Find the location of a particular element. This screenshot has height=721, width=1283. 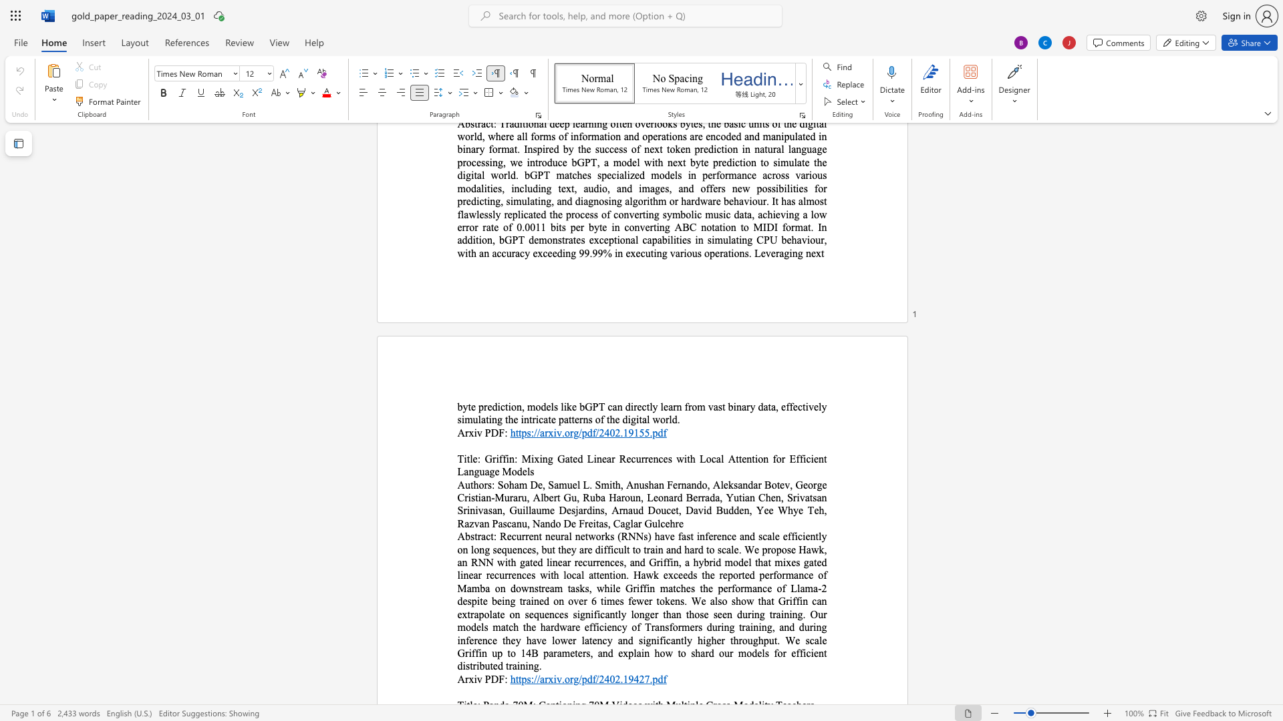

the 2th character "n" in the text is located at coordinates (545, 458).